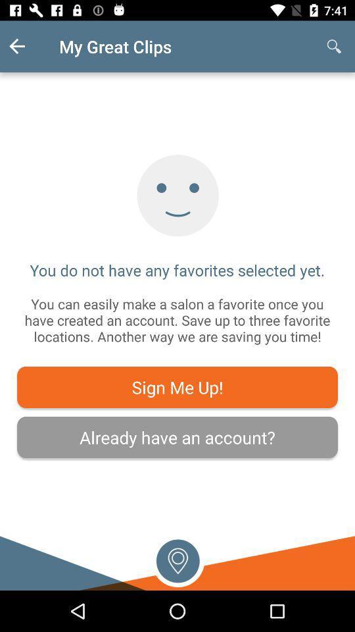 Image resolution: width=355 pixels, height=632 pixels. I want to click on the item below already have an item, so click(177, 559).